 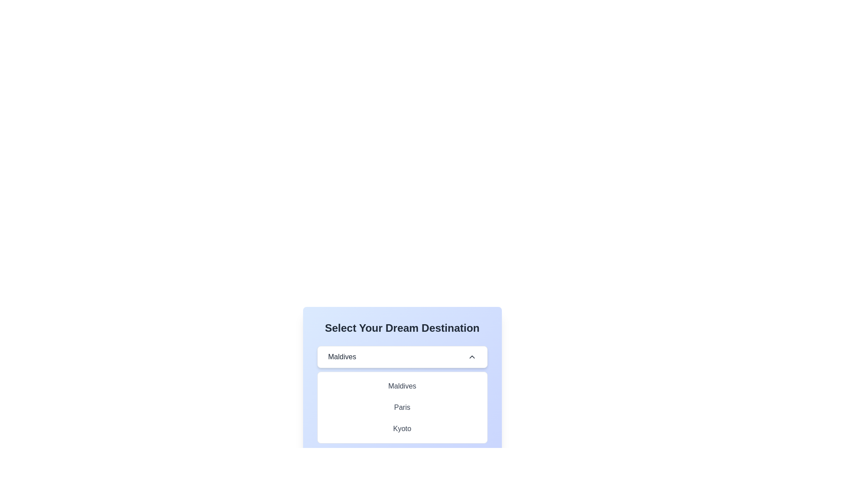 What do you see at coordinates (342, 357) in the screenshot?
I see `the text label displaying 'Maldives' within the dropdown selection box, positioned below the label 'Select Your Dream Destination'` at bounding box center [342, 357].